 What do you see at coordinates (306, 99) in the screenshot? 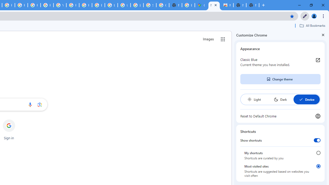
I see `'Device'` at bounding box center [306, 99].